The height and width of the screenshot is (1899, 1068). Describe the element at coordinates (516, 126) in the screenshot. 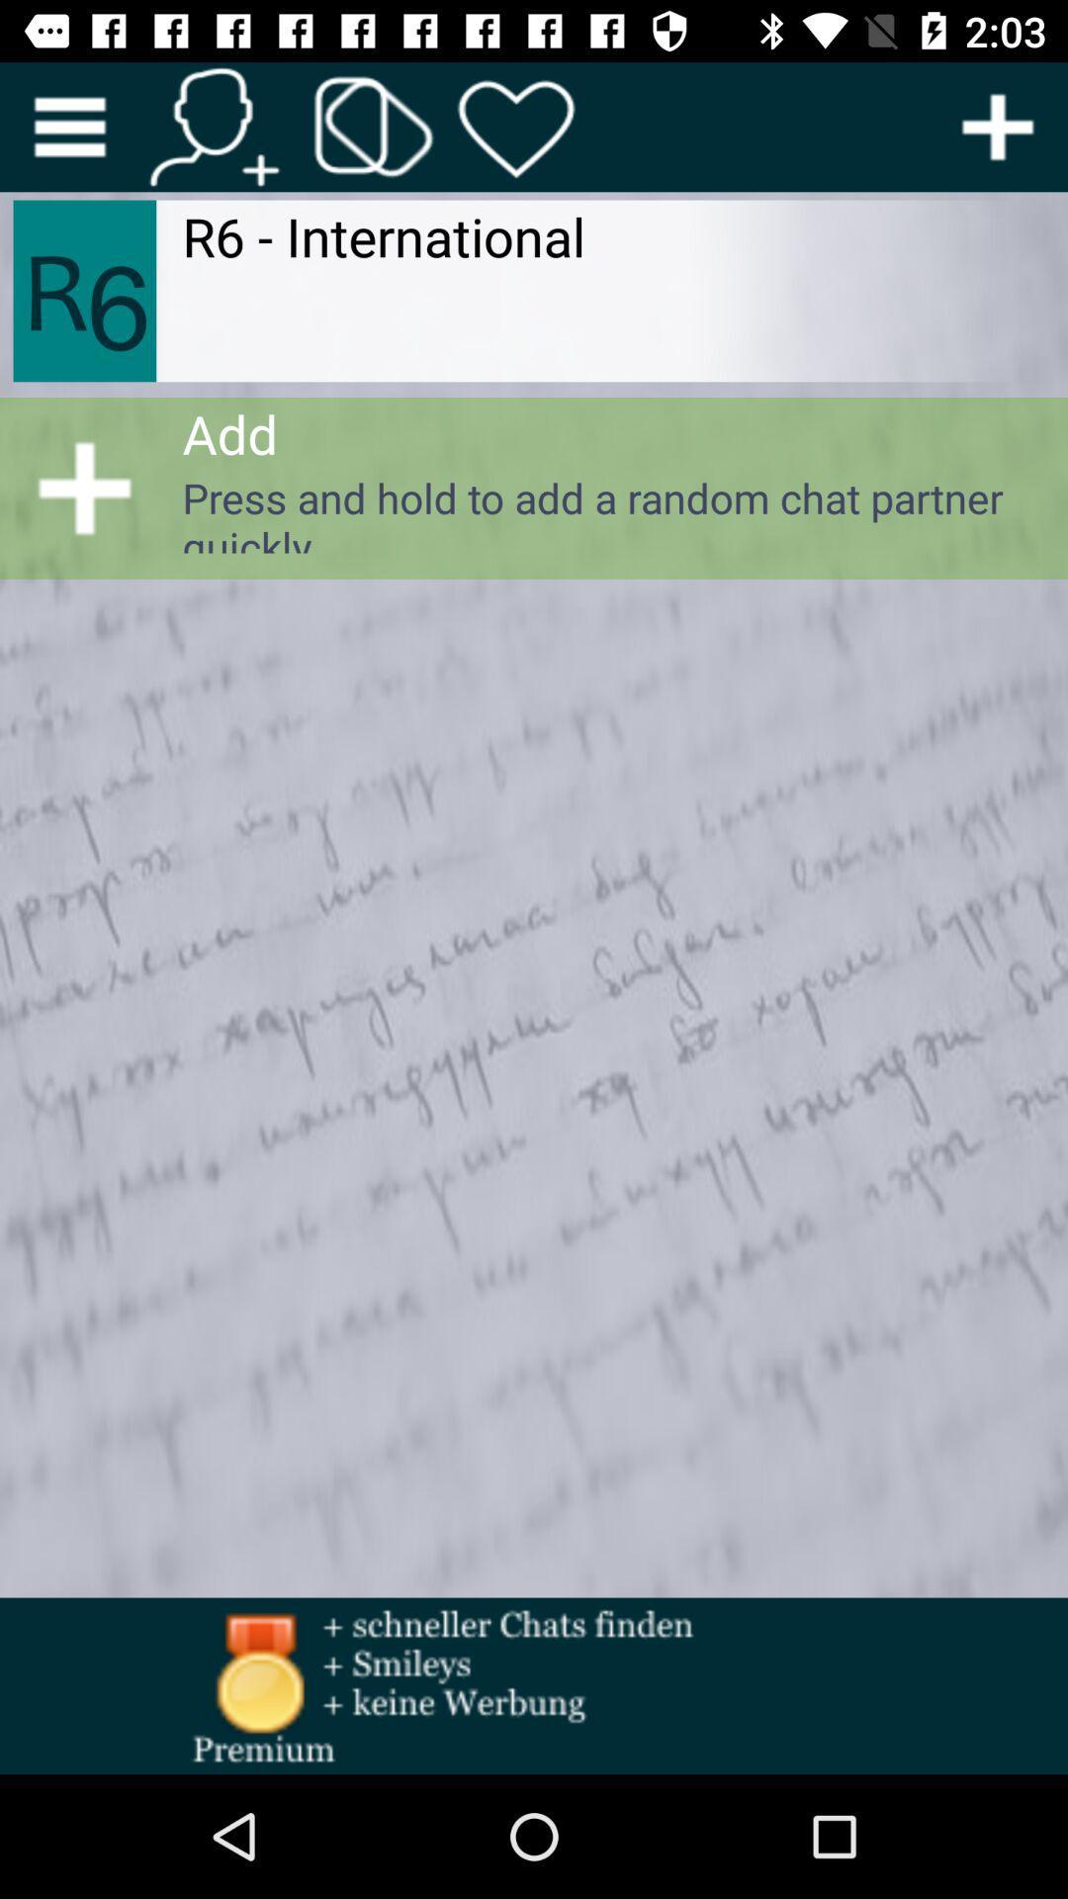

I see `like` at that location.